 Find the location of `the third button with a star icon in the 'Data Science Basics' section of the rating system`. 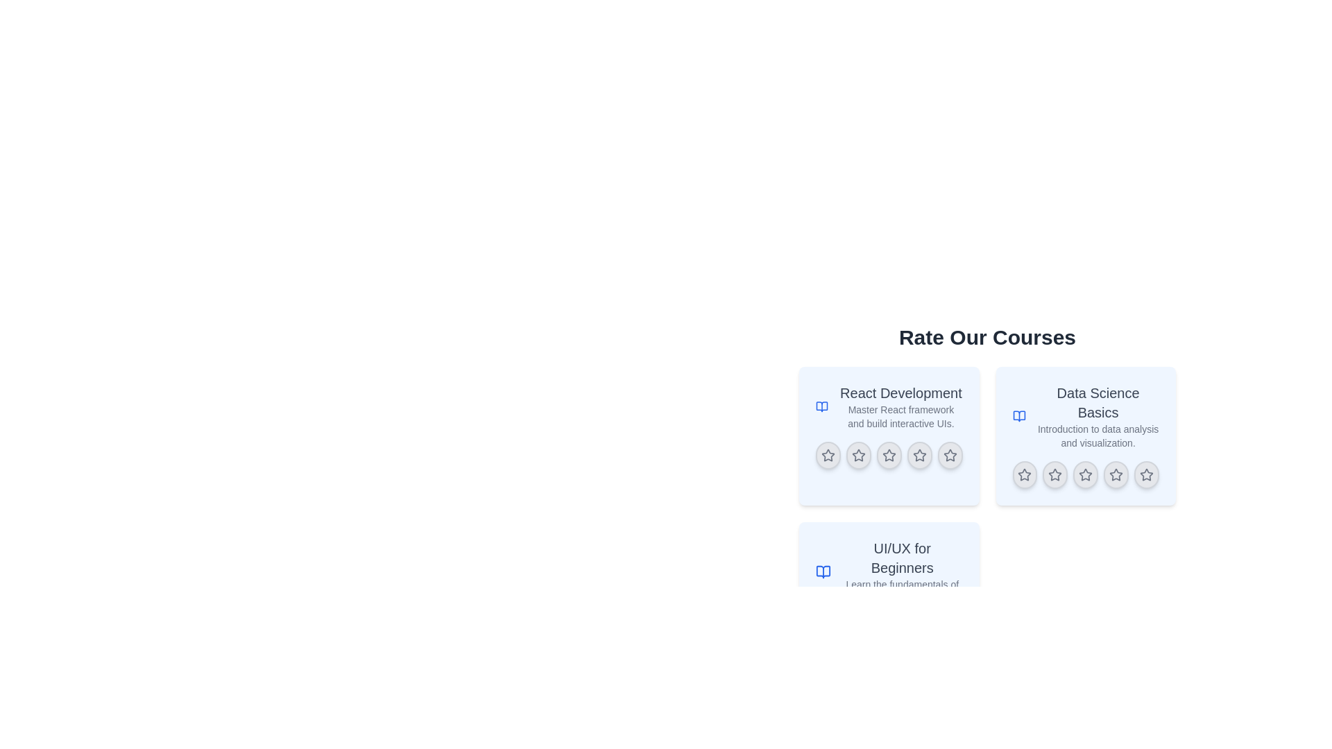

the third button with a star icon in the 'Data Science Basics' section of the rating system is located at coordinates (1085, 474).